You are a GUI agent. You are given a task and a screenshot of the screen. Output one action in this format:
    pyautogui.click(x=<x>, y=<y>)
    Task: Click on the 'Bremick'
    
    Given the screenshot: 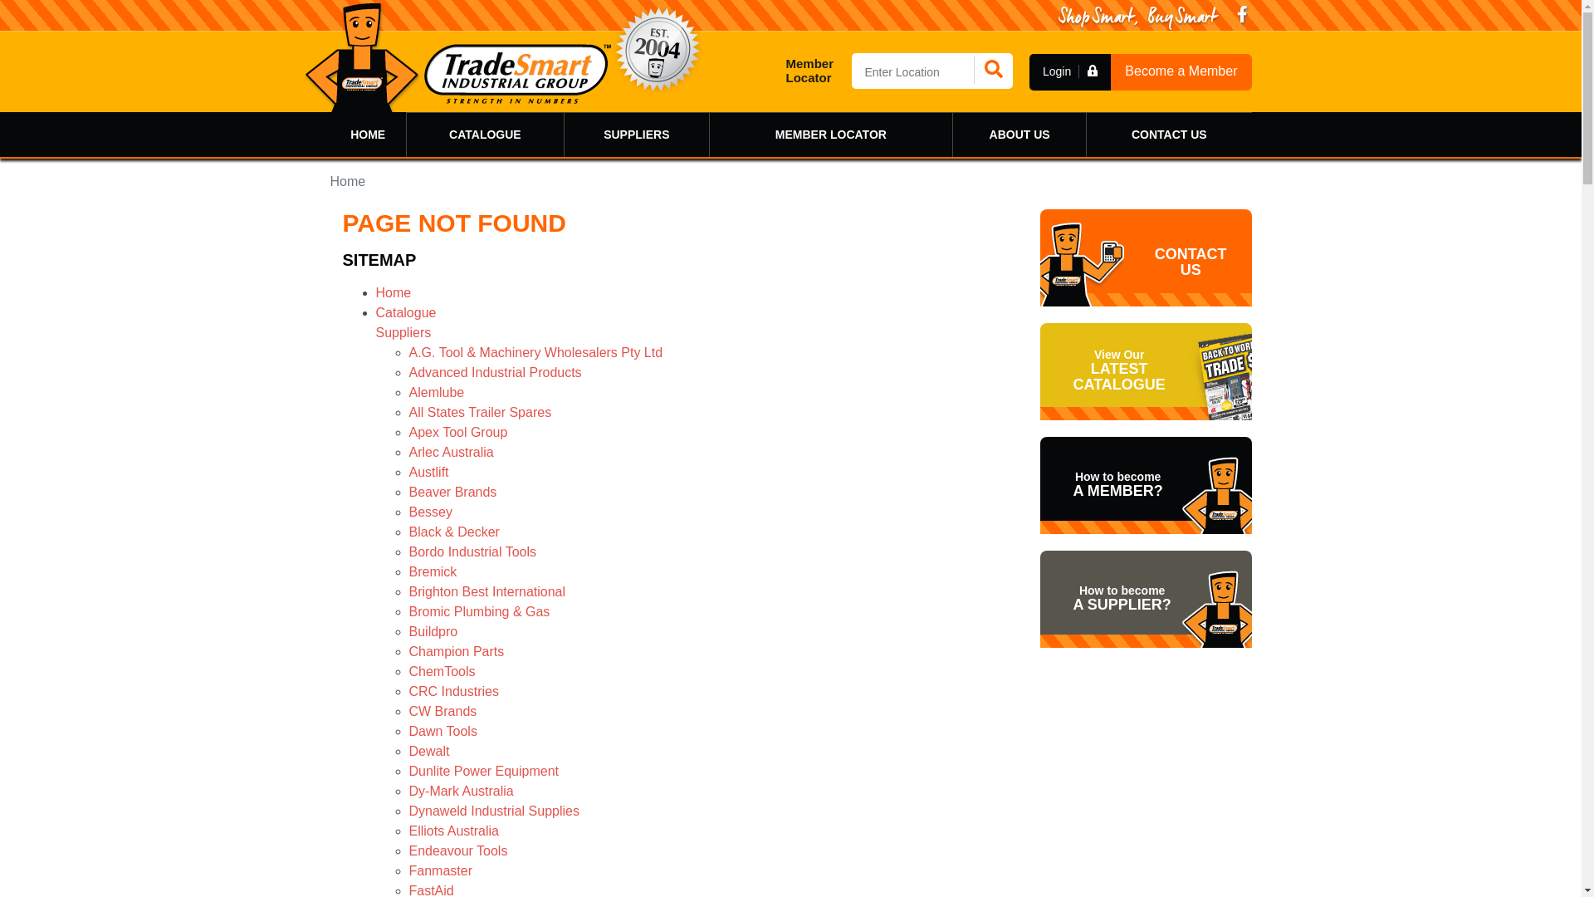 What is the action you would take?
    pyautogui.click(x=433, y=571)
    